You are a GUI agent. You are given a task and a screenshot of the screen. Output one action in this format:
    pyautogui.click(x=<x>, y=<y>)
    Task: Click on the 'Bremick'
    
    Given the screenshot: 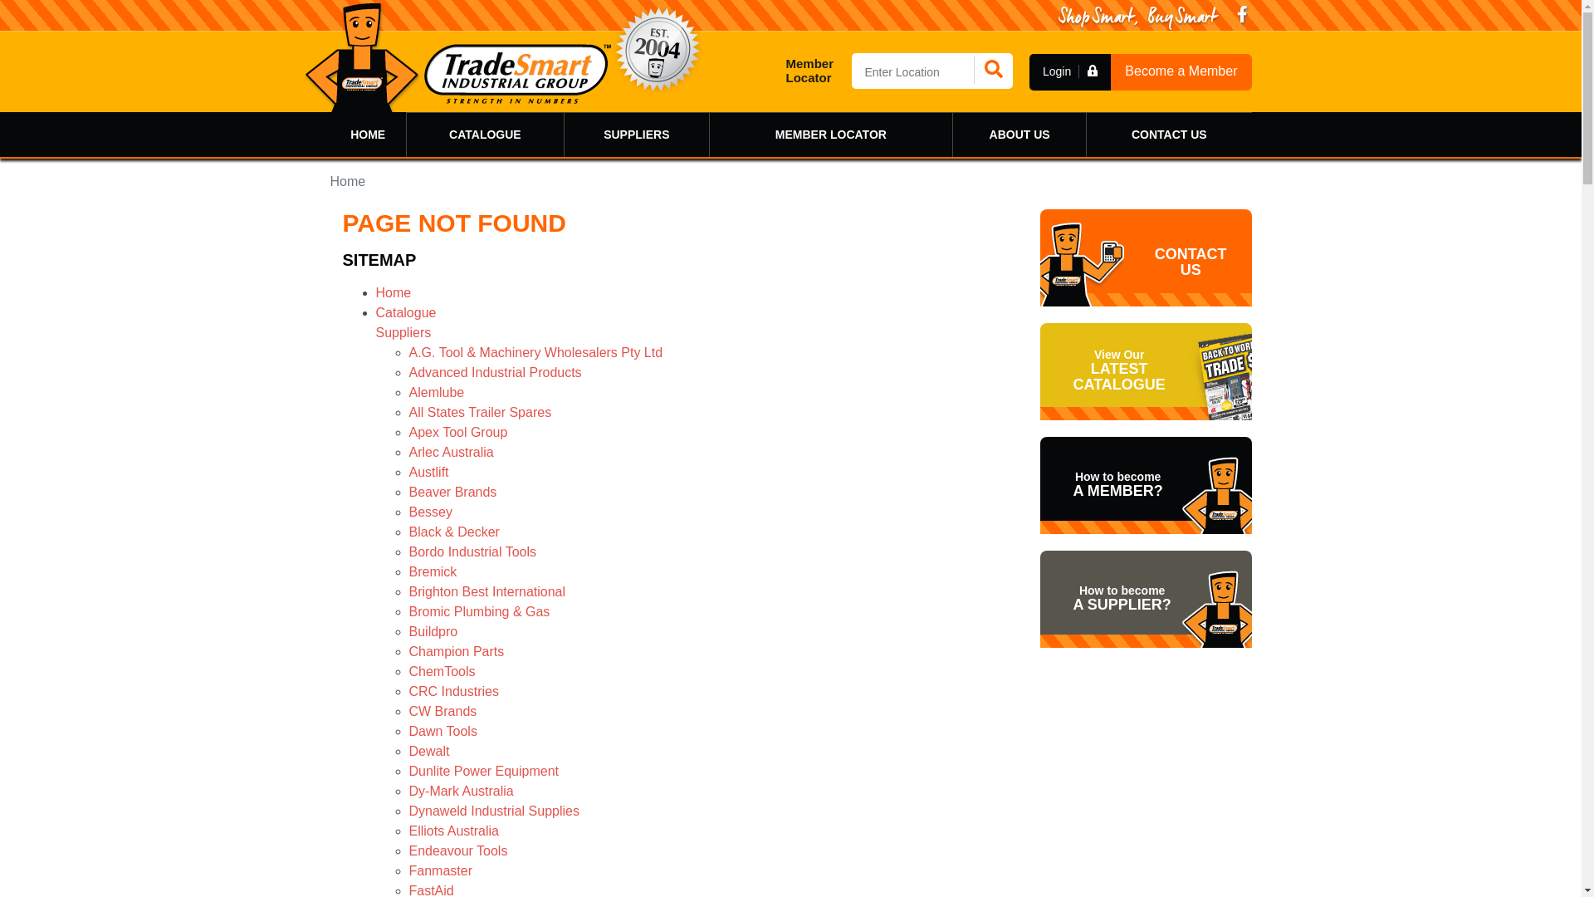 What is the action you would take?
    pyautogui.click(x=433, y=571)
    